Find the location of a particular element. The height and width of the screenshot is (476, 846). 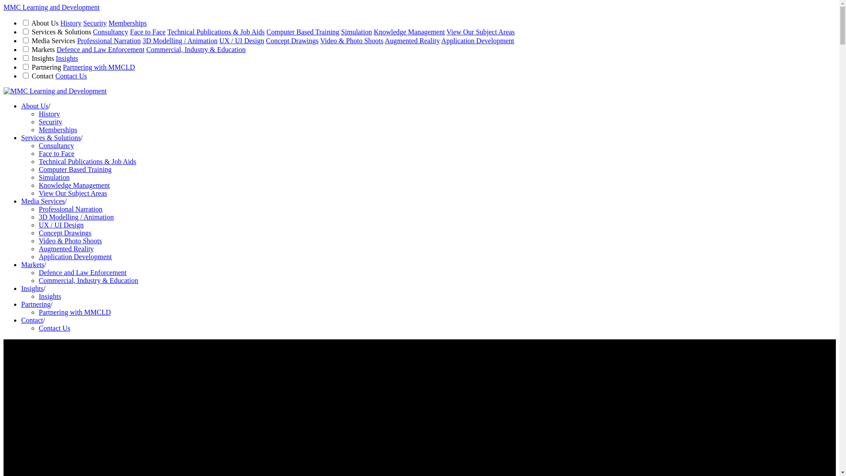

'Insights' is located at coordinates (49, 296).